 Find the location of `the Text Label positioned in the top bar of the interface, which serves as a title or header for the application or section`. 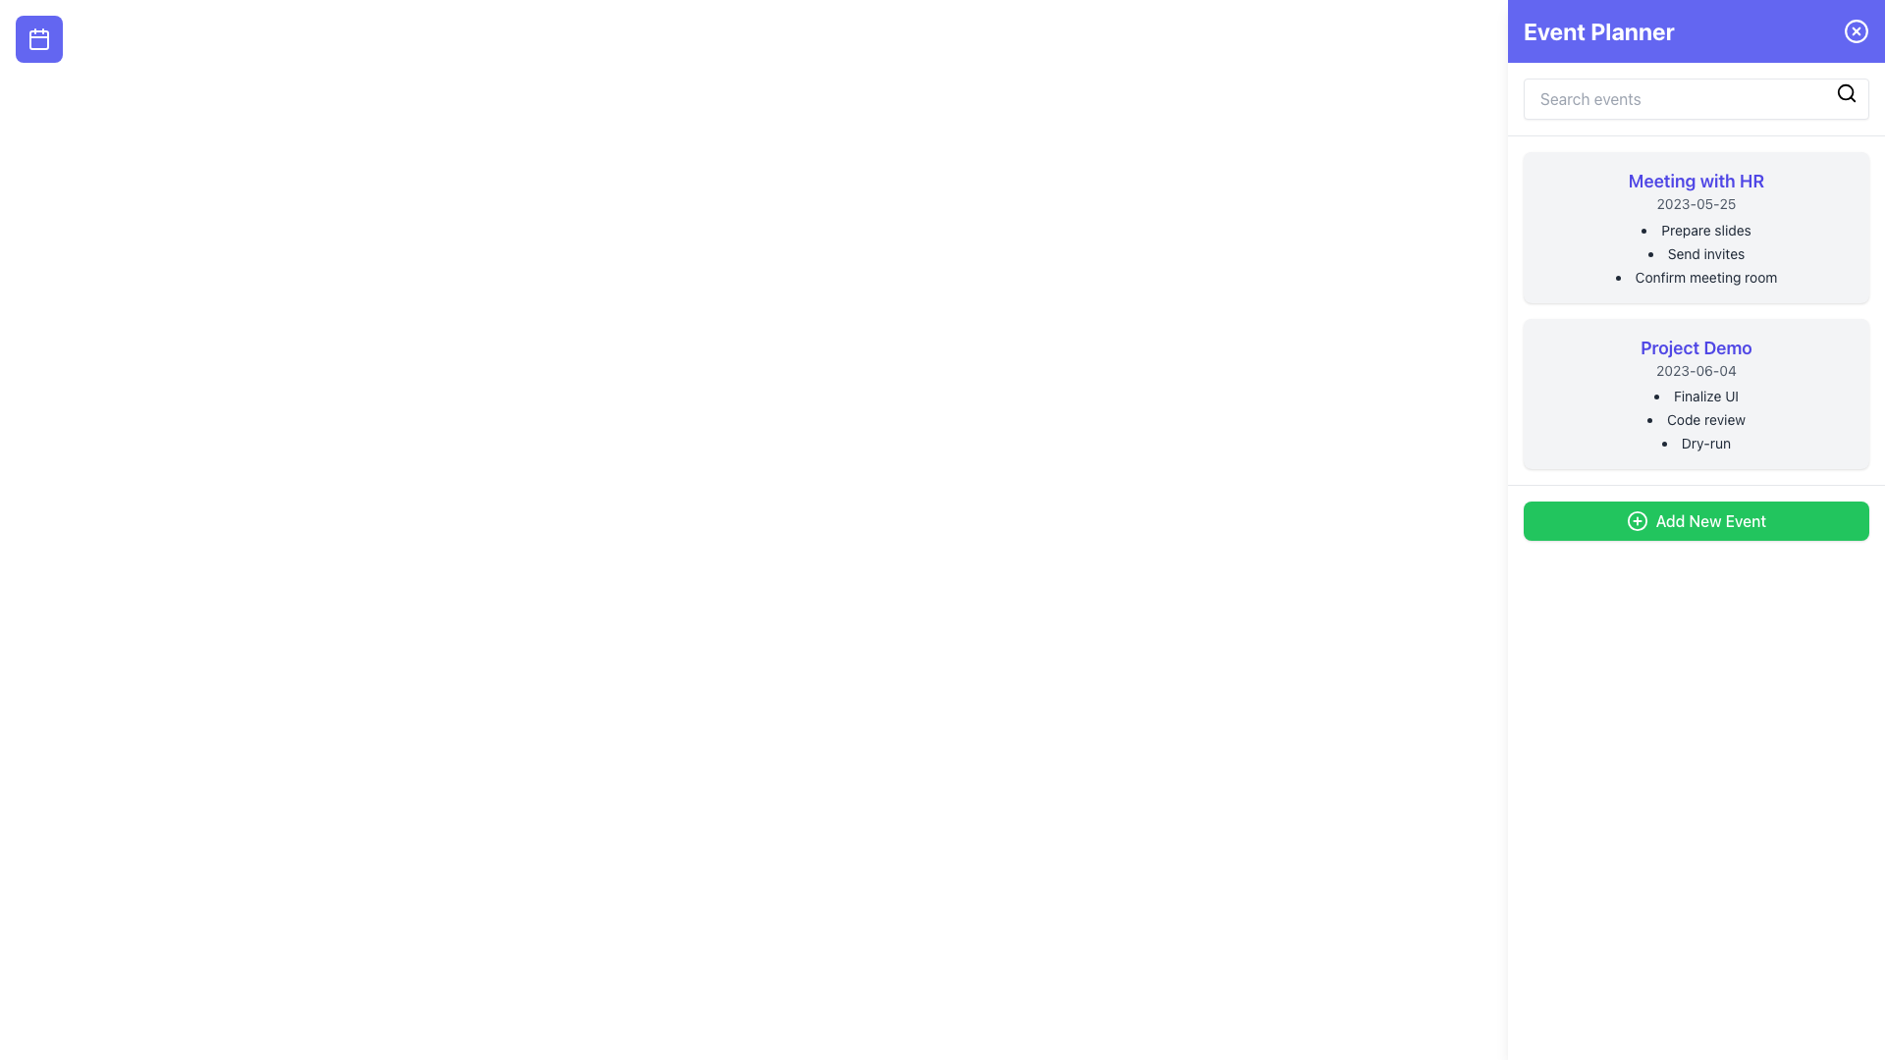

the Text Label positioned in the top bar of the interface, which serves as a title or header for the application or section is located at coordinates (1598, 30).